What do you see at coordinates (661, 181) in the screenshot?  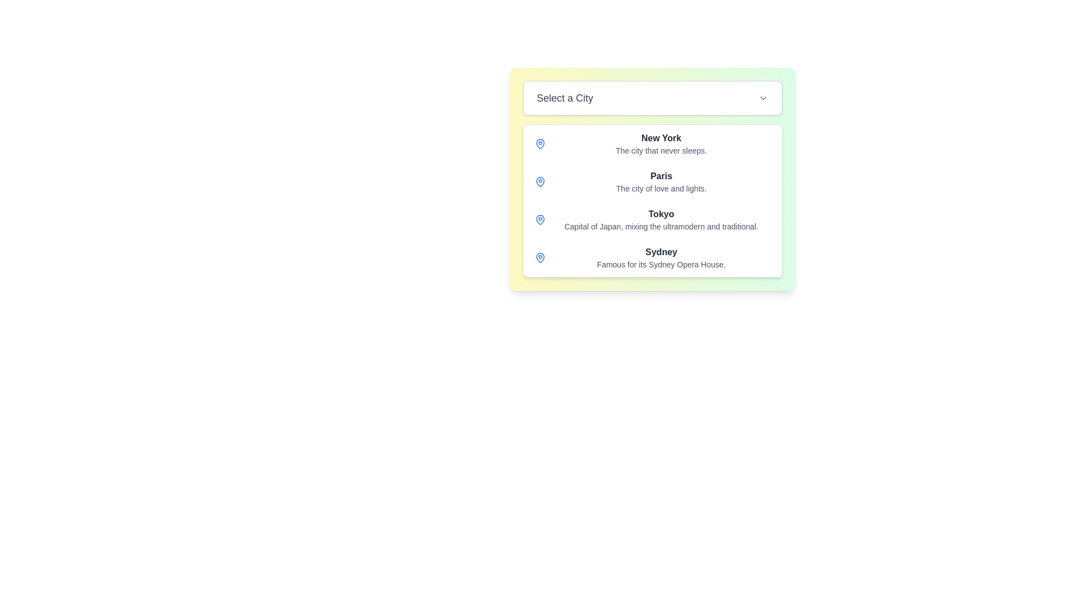 I see `the text label displaying the city name 'Paris' which is located between 'New York' and 'Tokyo' in the location selection menu` at bounding box center [661, 181].